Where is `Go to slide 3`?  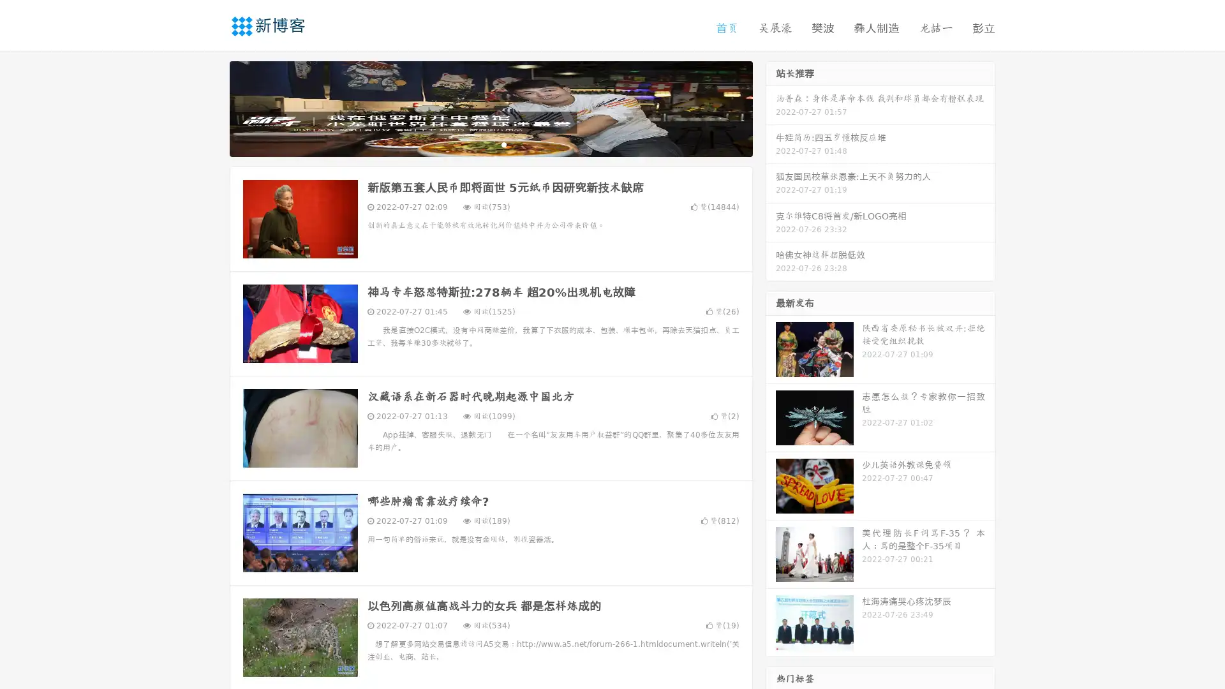
Go to slide 3 is located at coordinates (503, 144).